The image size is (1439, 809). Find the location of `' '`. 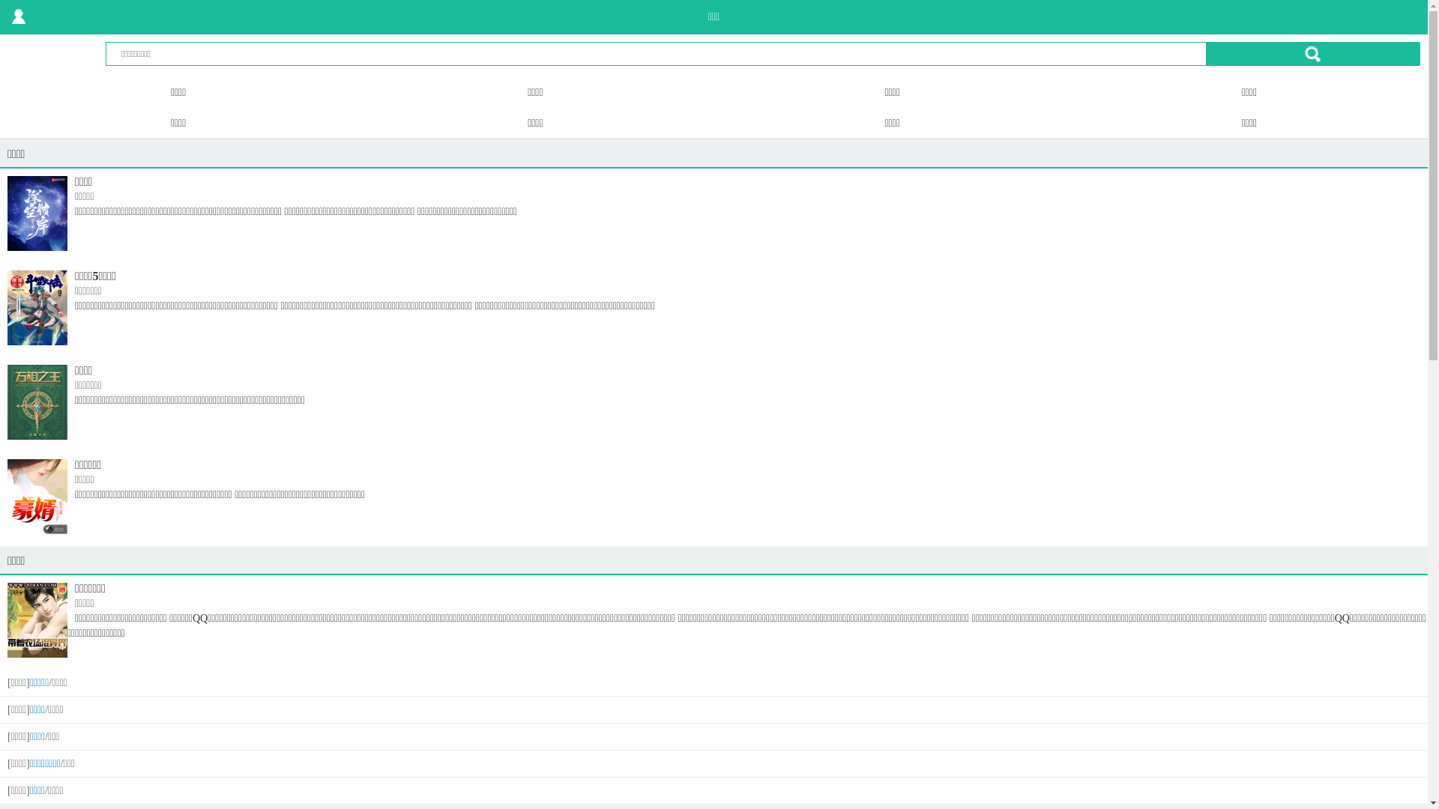

' ' is located at coordinates (18, 17).